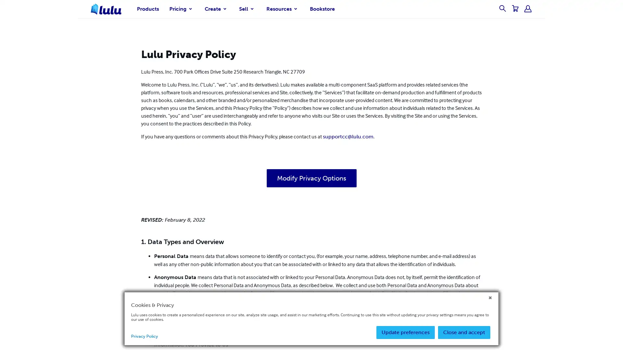 The width and height of the screenshot is (623, 350). What do you see at coordinates (311, 178) in the screenshot?
I see `Modify Privacy Options` at bounding box center [311, 178].